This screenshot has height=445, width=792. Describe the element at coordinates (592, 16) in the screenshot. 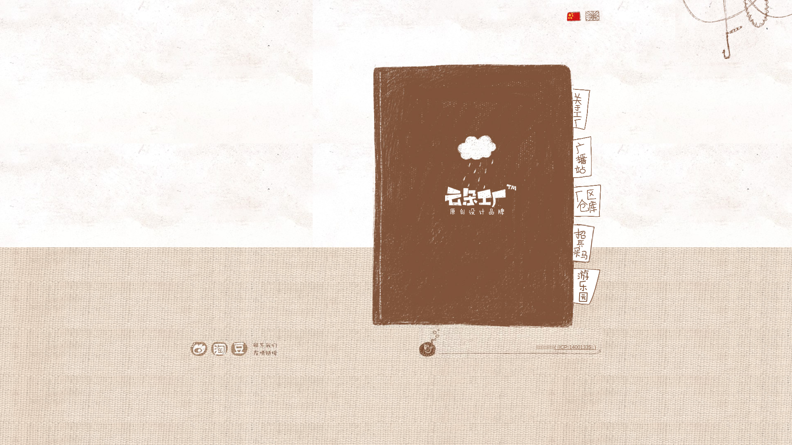

I see `'English'` at that location.